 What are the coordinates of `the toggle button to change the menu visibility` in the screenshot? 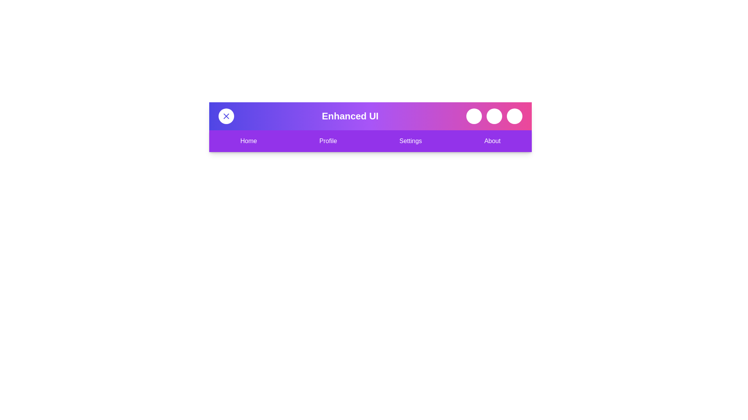 It's located at (226, 116).